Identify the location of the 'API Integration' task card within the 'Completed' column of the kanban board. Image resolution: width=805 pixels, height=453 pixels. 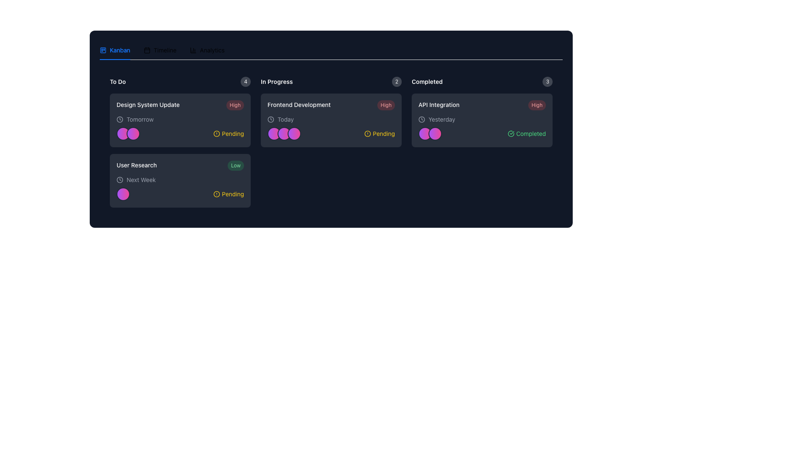
(482, 142).